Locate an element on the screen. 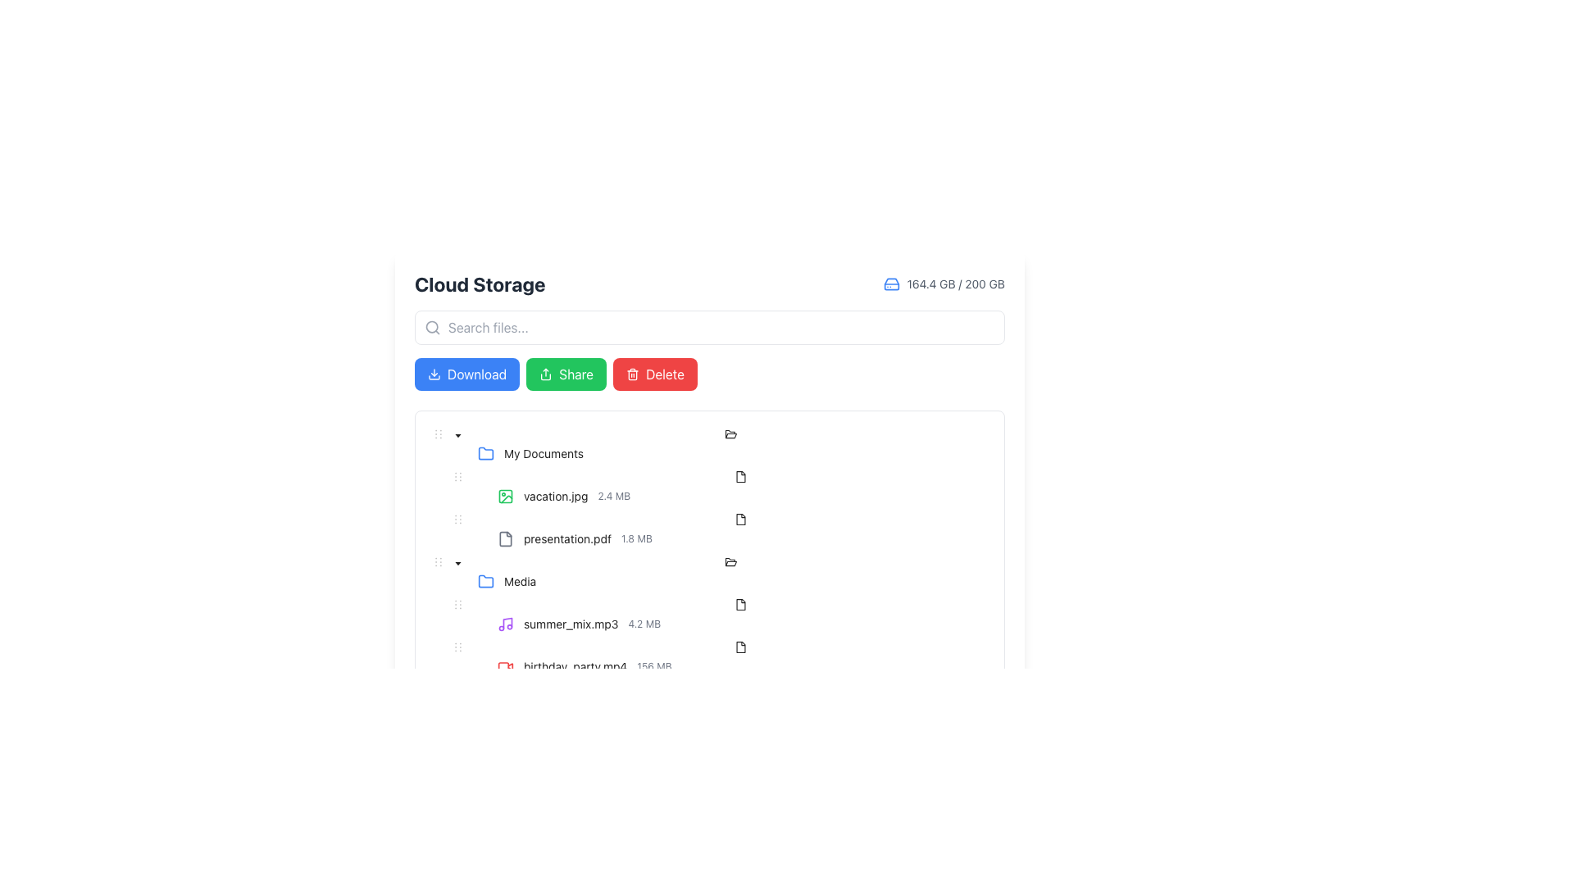 The width and height of the screenshot is (1574, 885). the indentation marker located at the left margin of the 'birthday_party.mp4' tree item, which serves as a visual indicator of its hierarchical level is located at coordinates (438, 656).